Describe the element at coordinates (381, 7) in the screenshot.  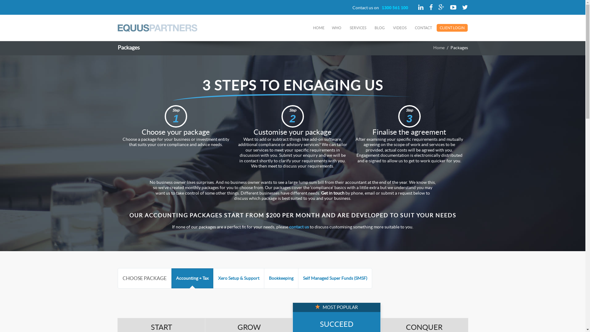
I see `'1300 561 100'` at that location.